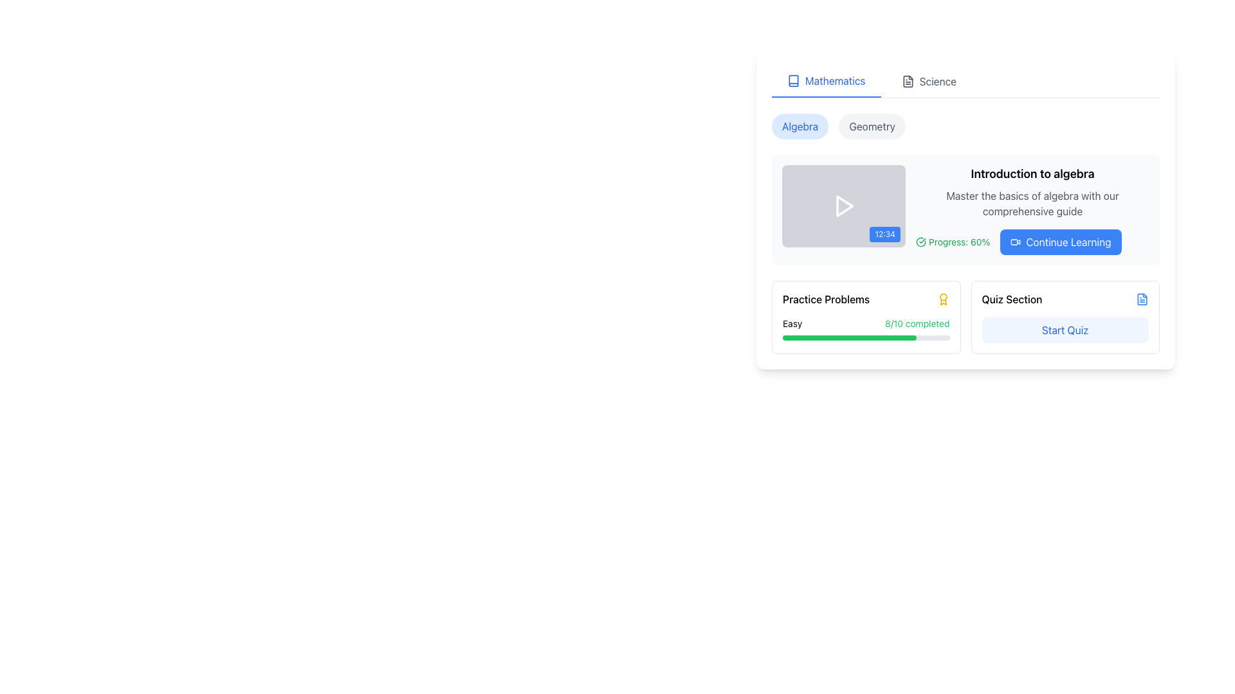 The width and height of the screenshot is (1235, 694). I want to click on the blue file document icon located at the top-right corner of the 'Quiz Section' card, aligned horizontally with the 'Quiz Section' text and vertically with the 'Start Quiz' button, so click(1142, 299).